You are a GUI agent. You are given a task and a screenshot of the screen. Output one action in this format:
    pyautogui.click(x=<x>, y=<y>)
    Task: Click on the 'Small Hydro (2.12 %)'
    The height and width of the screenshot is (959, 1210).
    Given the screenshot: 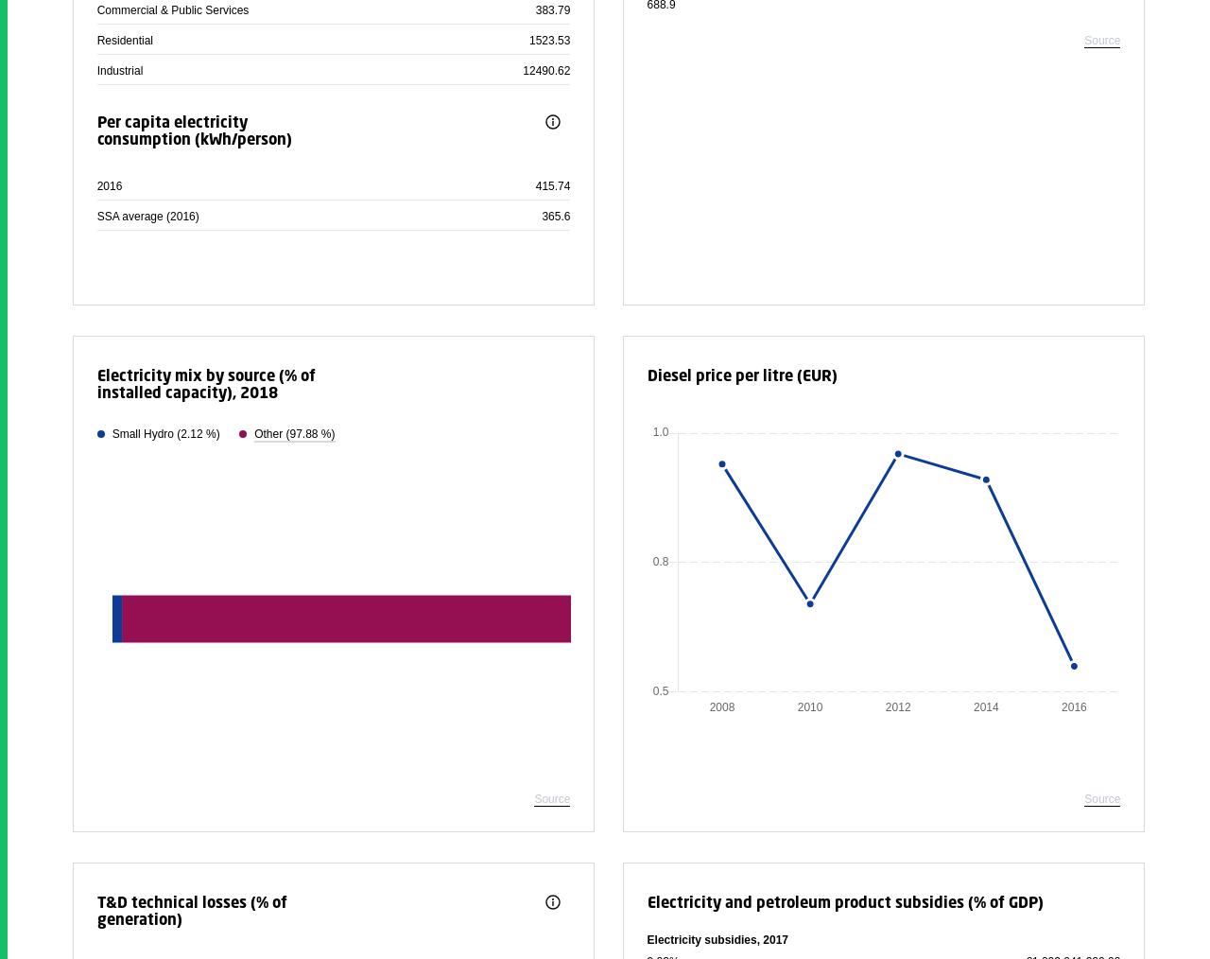 What is the action you would take?
    pyautogui.click(x=111, y=433)
    